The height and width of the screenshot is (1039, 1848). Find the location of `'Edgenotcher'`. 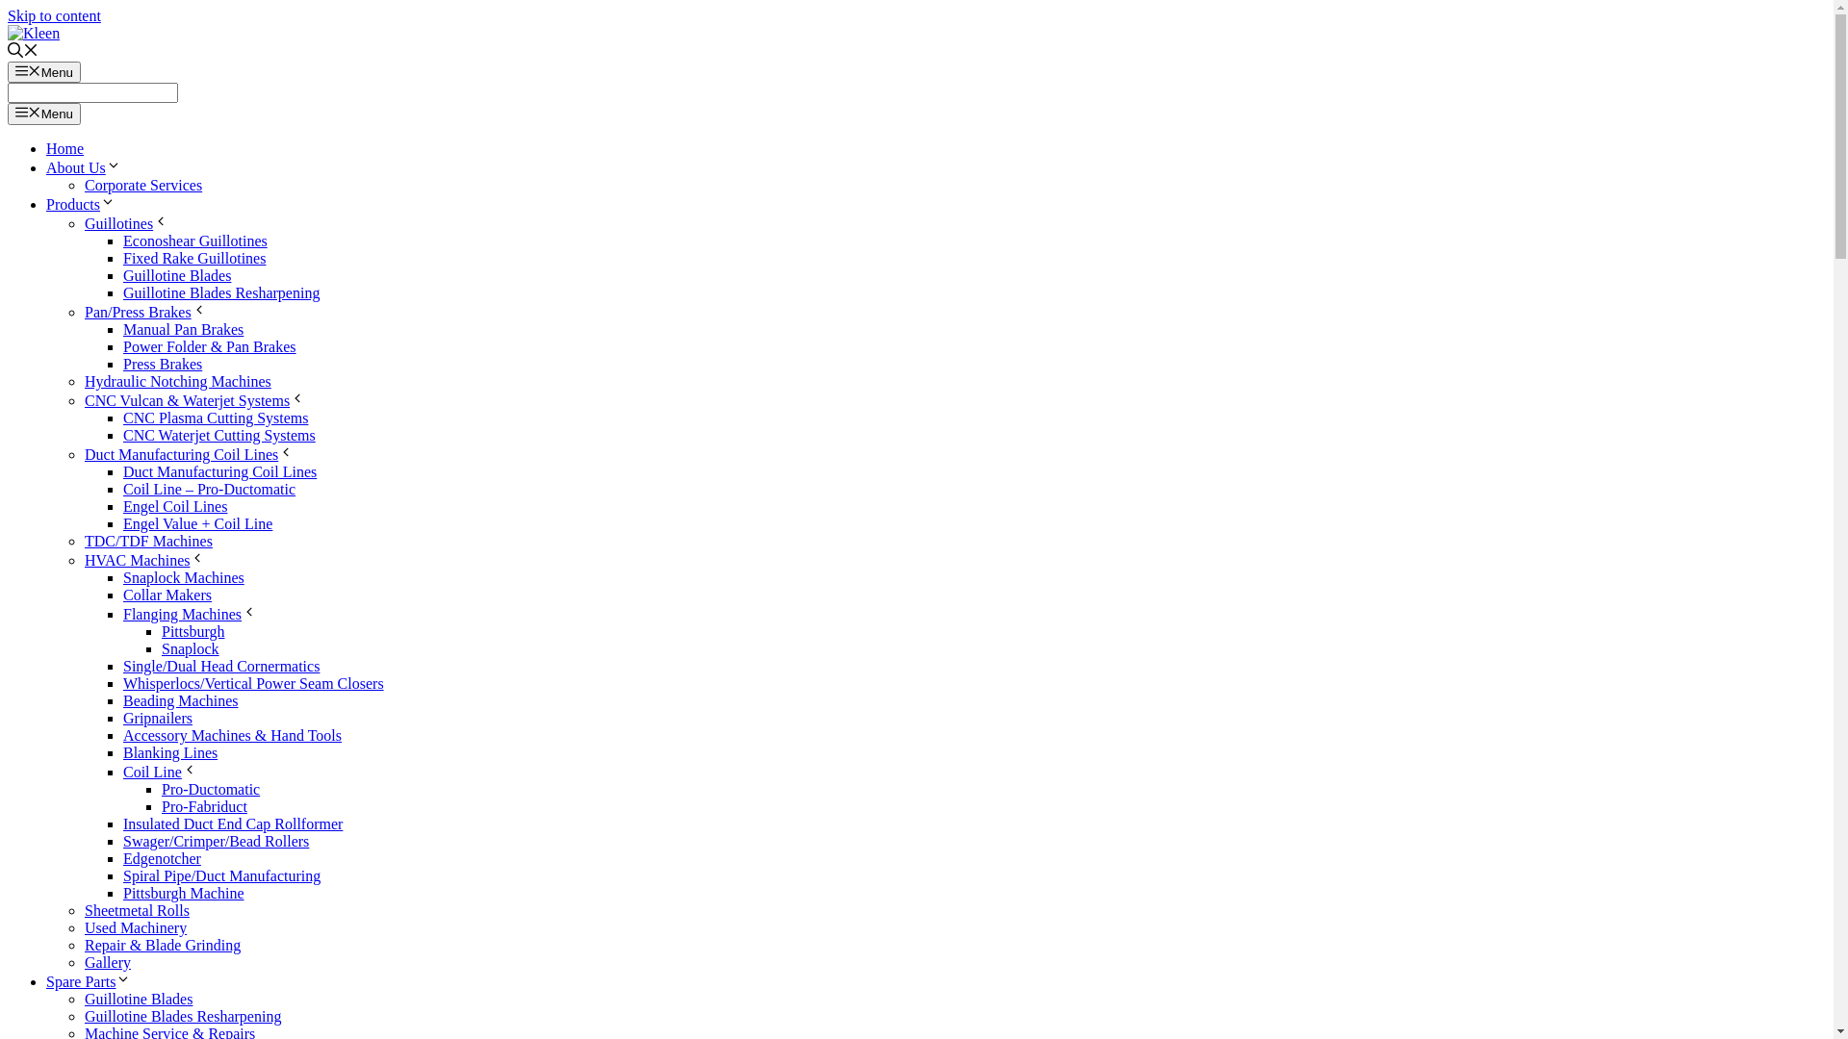

'Edgenotcher' is located at coordinates (122, 857).